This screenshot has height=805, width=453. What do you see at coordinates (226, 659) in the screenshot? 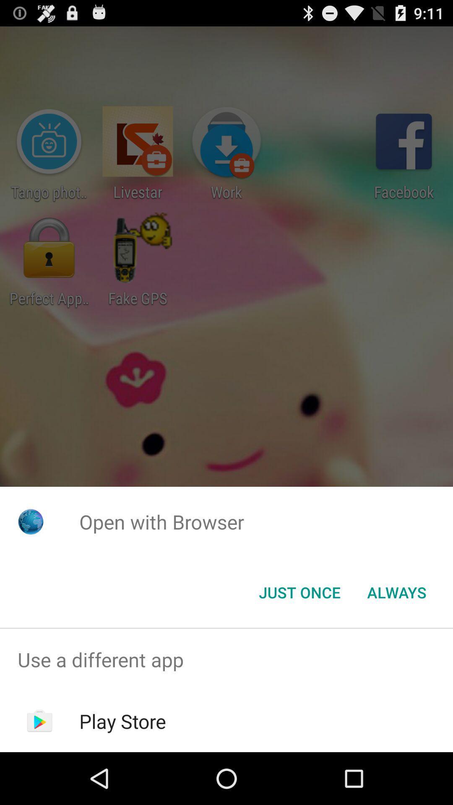
I see `use a different` at bounding box center [226, 659].